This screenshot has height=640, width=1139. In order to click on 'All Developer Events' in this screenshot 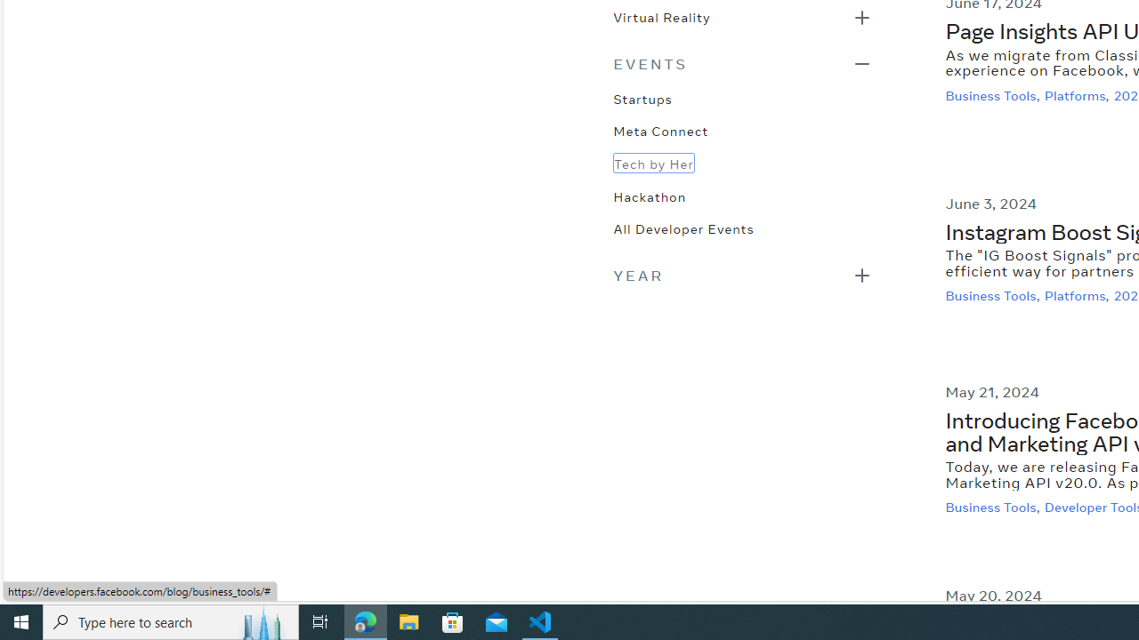, I will do `click(683, 226)`.